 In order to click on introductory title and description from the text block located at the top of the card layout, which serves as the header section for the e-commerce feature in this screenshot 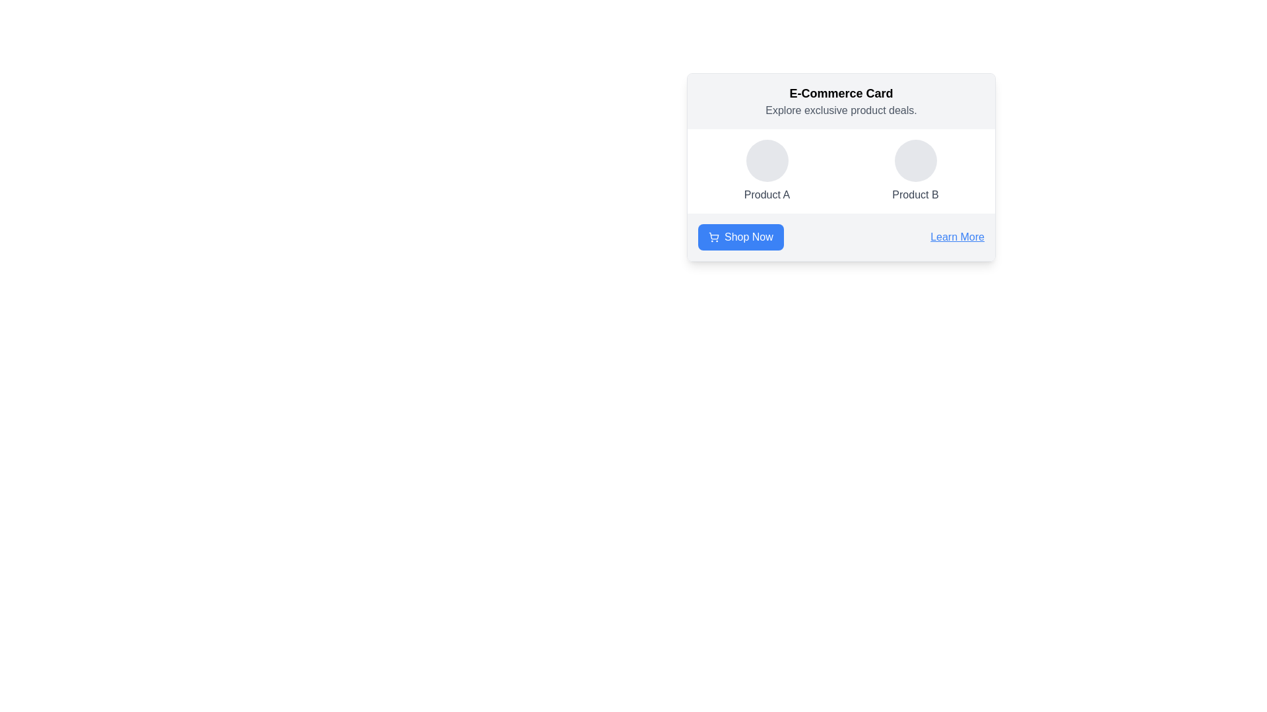, I will do `click(841, 101)`.